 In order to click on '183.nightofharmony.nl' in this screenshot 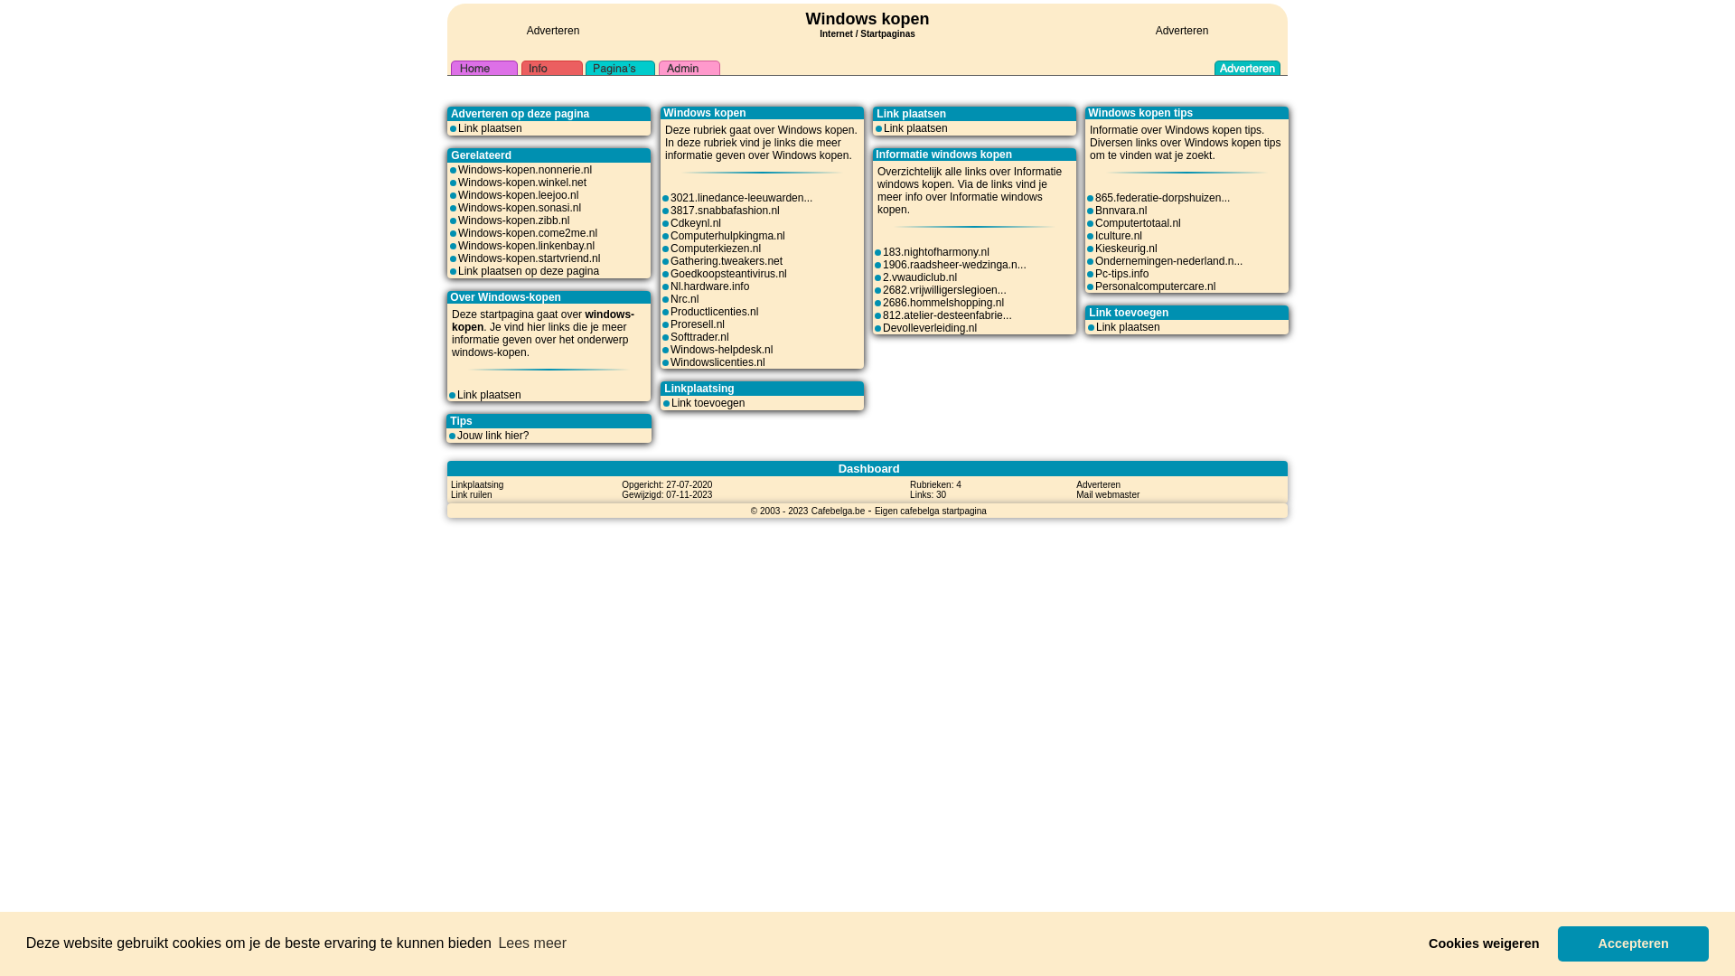, I will do `click(883, 251)`.